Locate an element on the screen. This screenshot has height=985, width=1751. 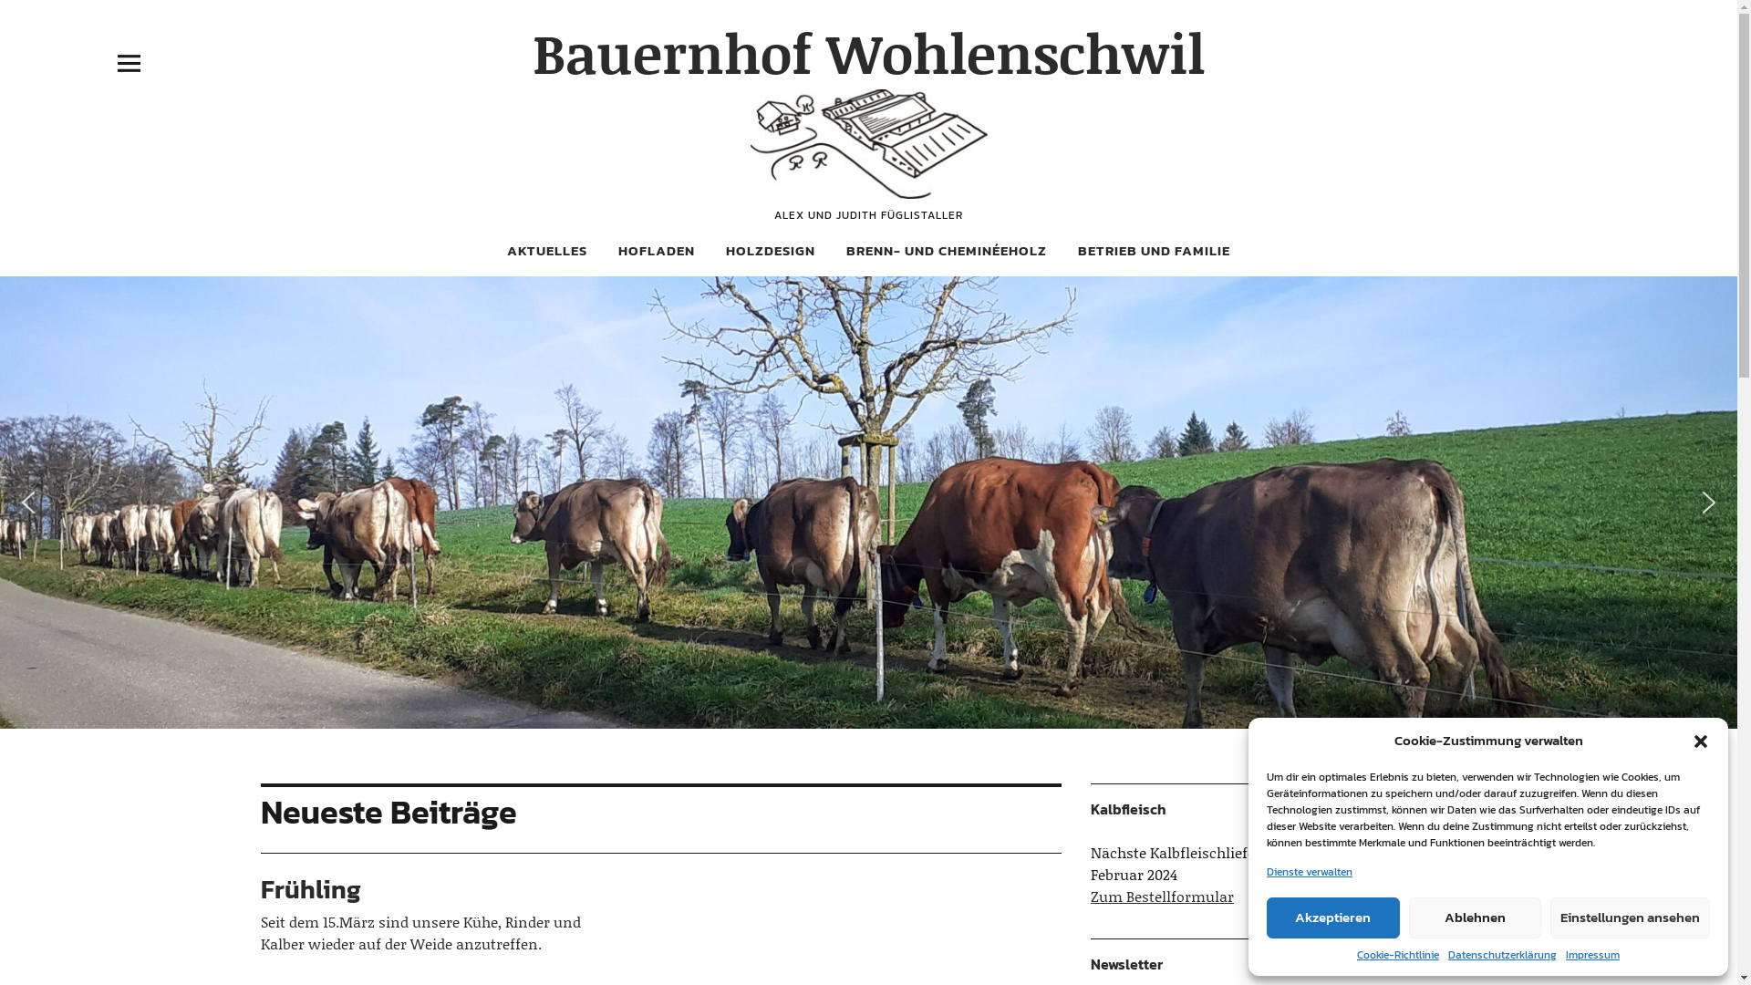
'Akzeptieren' is located at coordinates (1333, 918).